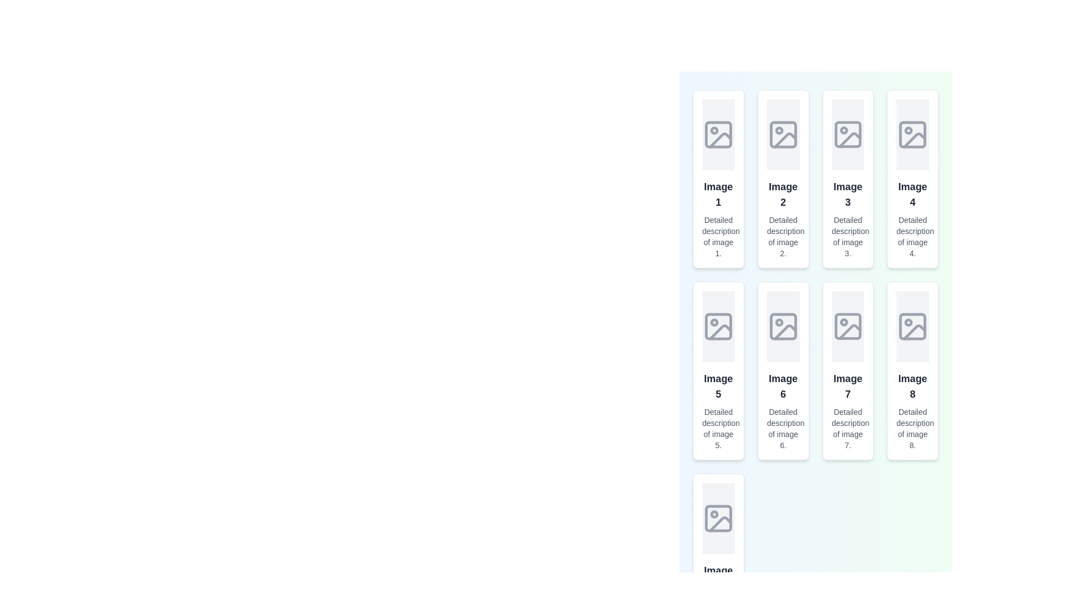 This screenshot has height=599, width=1065. What do you see at coordinates (912, 179) in the screenshot?
I see `the styling of the content card that showcases 'Image 4', which is the fourth item in the grid layout, featuring a white background and light gray border` at bounding box center [912, 179].